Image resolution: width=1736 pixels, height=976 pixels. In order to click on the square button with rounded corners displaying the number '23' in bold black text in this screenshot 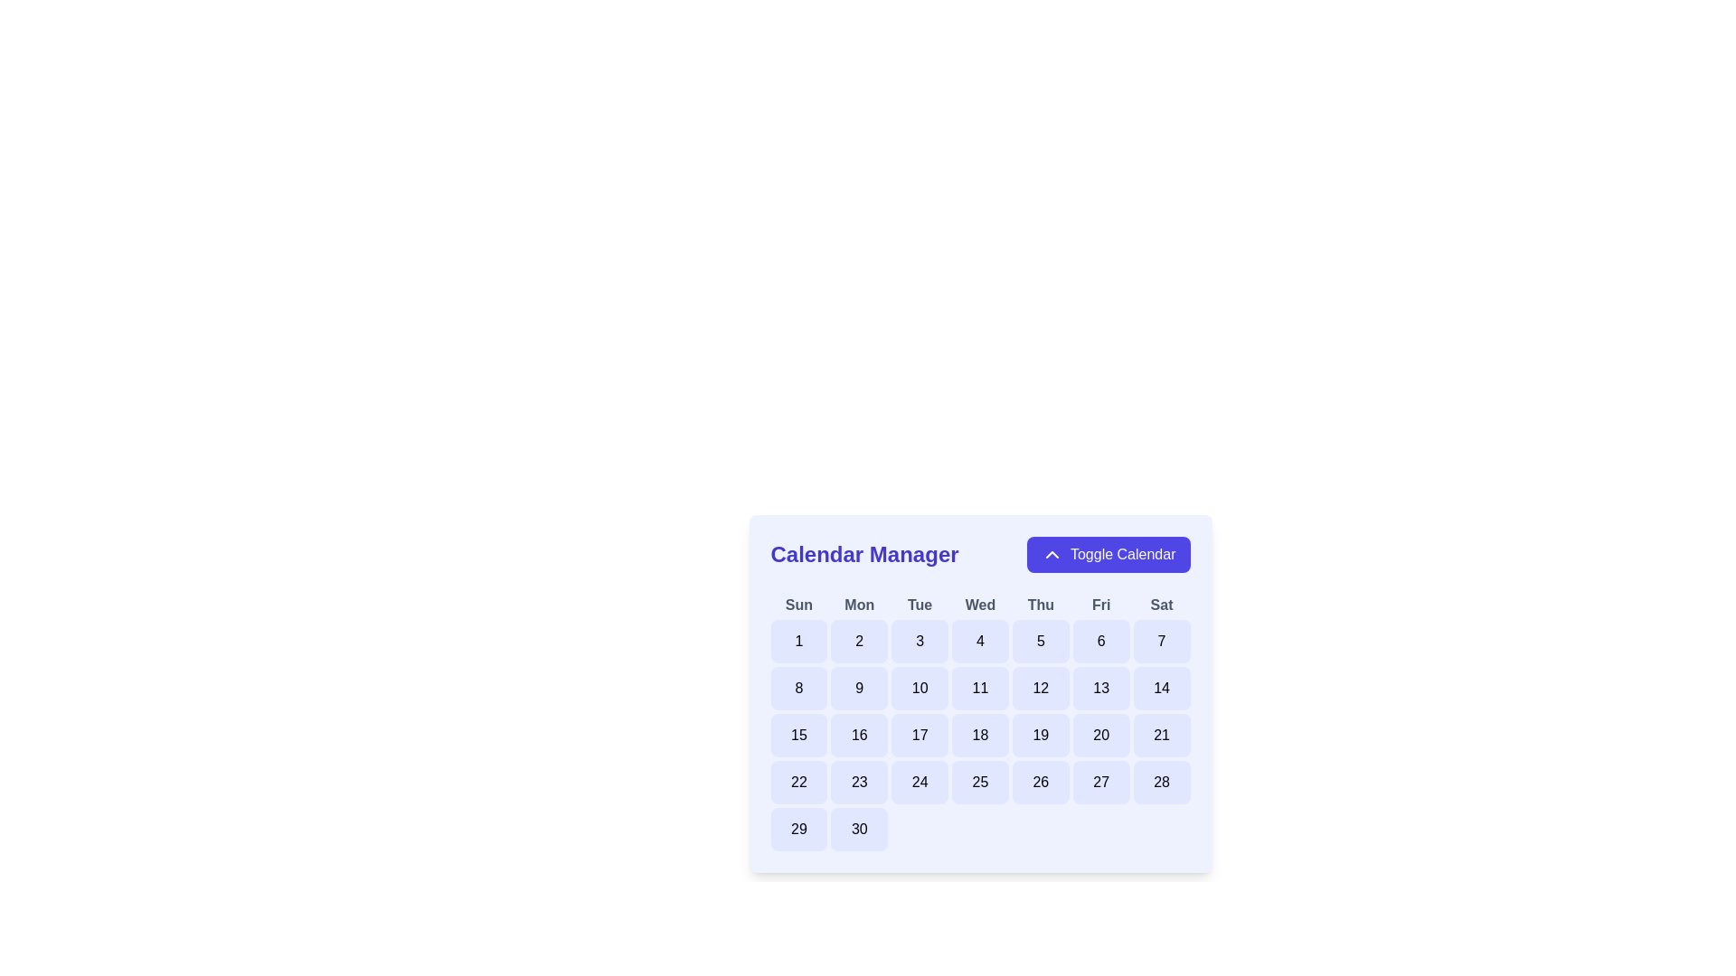, I will do `click(858, 782)`.